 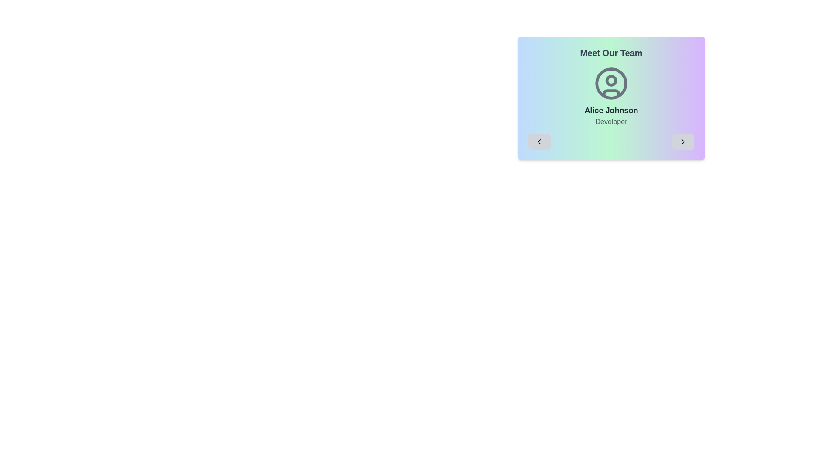 What do you see at coordinates (610, 107) in the screenshot?
I see `the user profile component located within the 'Meet Our Team' card layout, which displays the user's name, position, and avatar` at bounding box center [610, 107].